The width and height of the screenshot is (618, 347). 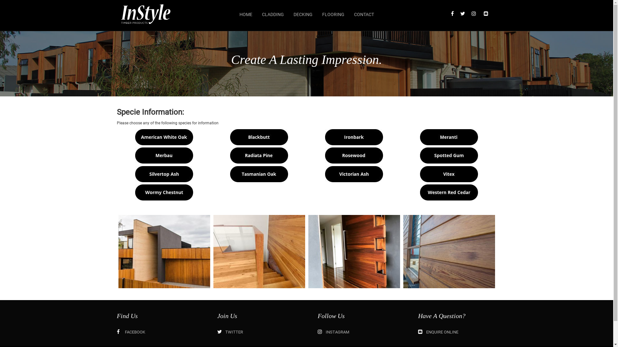 I want to click on 'CONTACT', so click(x=363, y=14).